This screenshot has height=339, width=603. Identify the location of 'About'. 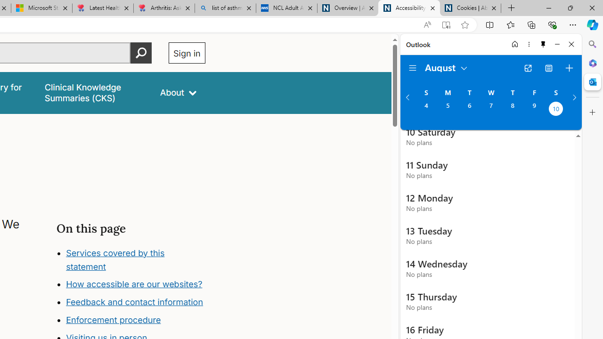
(178, 93).